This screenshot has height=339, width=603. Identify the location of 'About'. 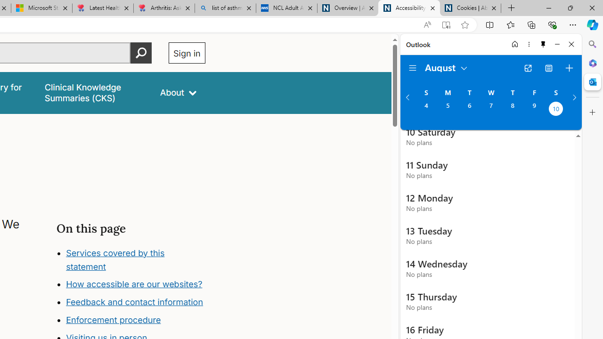
(178, 93).